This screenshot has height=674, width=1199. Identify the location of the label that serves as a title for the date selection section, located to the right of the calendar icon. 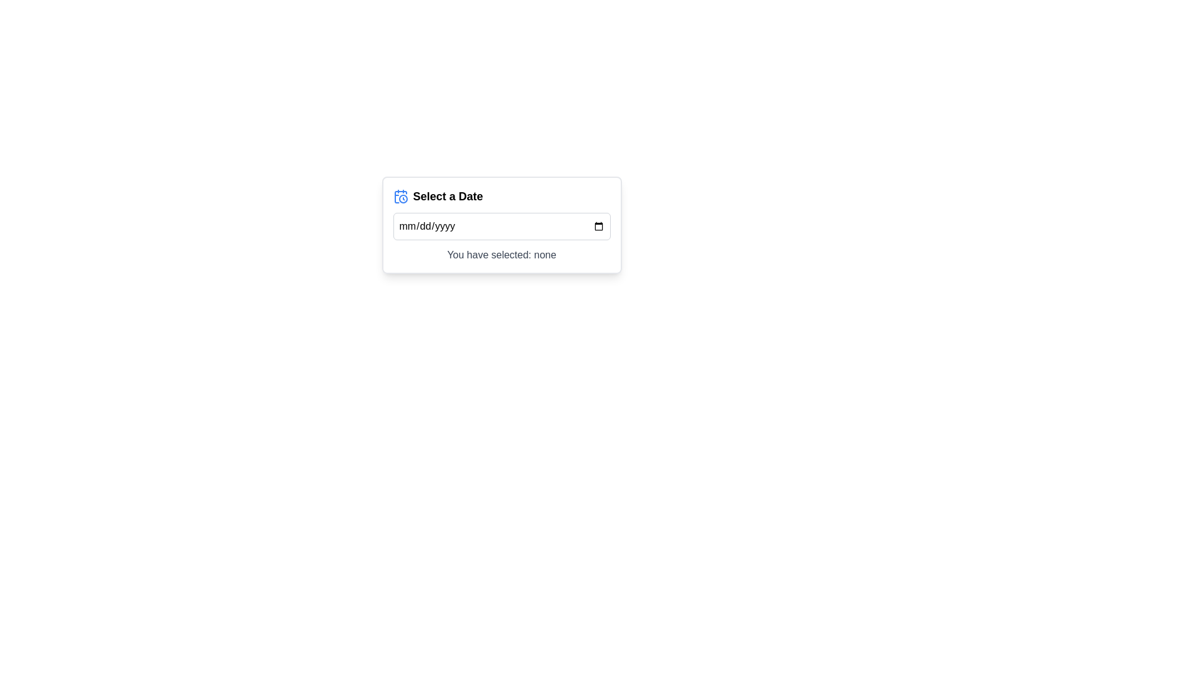
(448, 197).